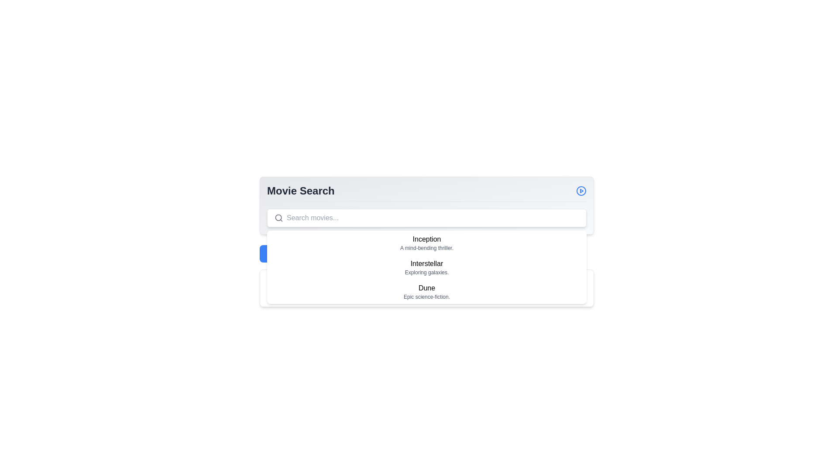 This screenshot has width=838, height=471. I want to click on the static display text reading 'Epic science-fiction.' located in the dropdown menu under the 'Dune' title, so click(427, 297).